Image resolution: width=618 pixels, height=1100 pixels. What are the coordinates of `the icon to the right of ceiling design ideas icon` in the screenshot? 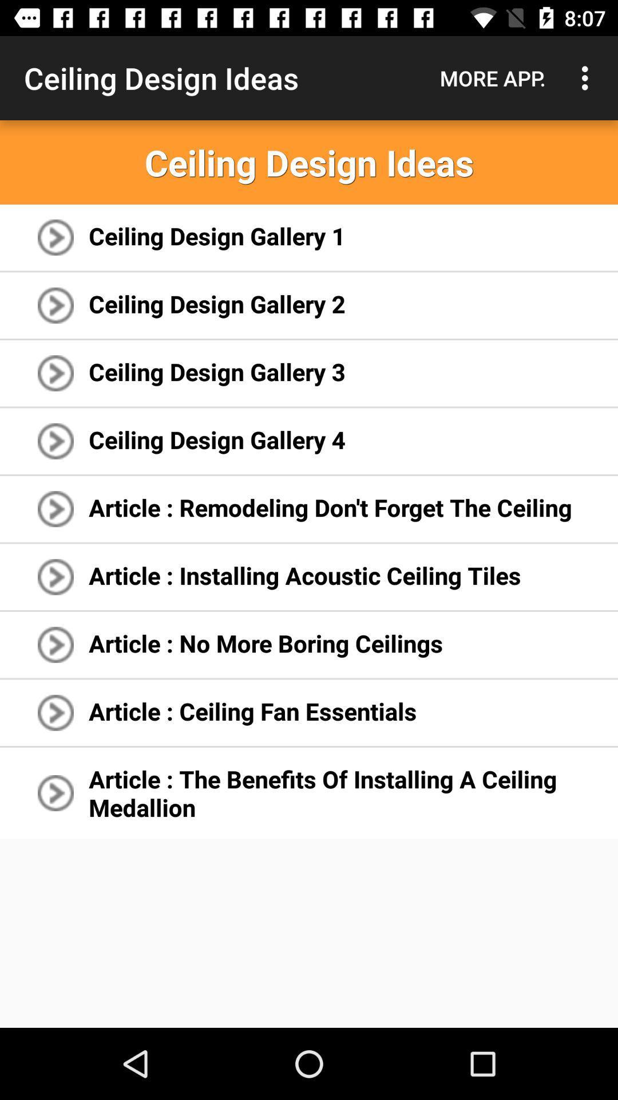 It's located at (492, 77).